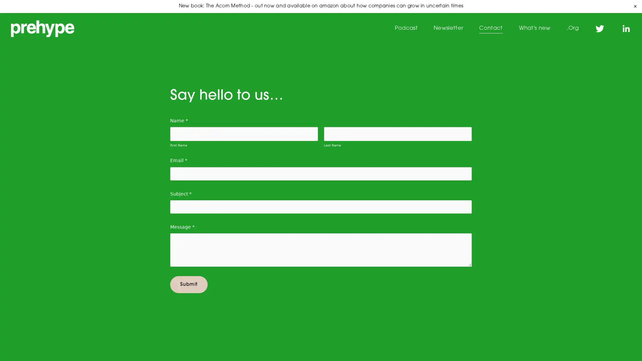 This screenshot has width=642, height=361. I want to click on Submit, so click(188, 295).